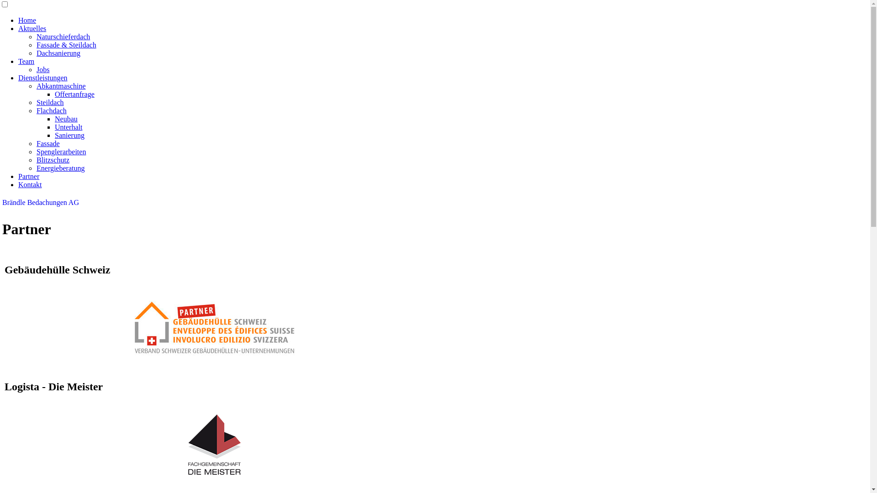 The height and width of the screenshot is (493, 877). I want to click on 'Aktuelles', so click(32, 28).